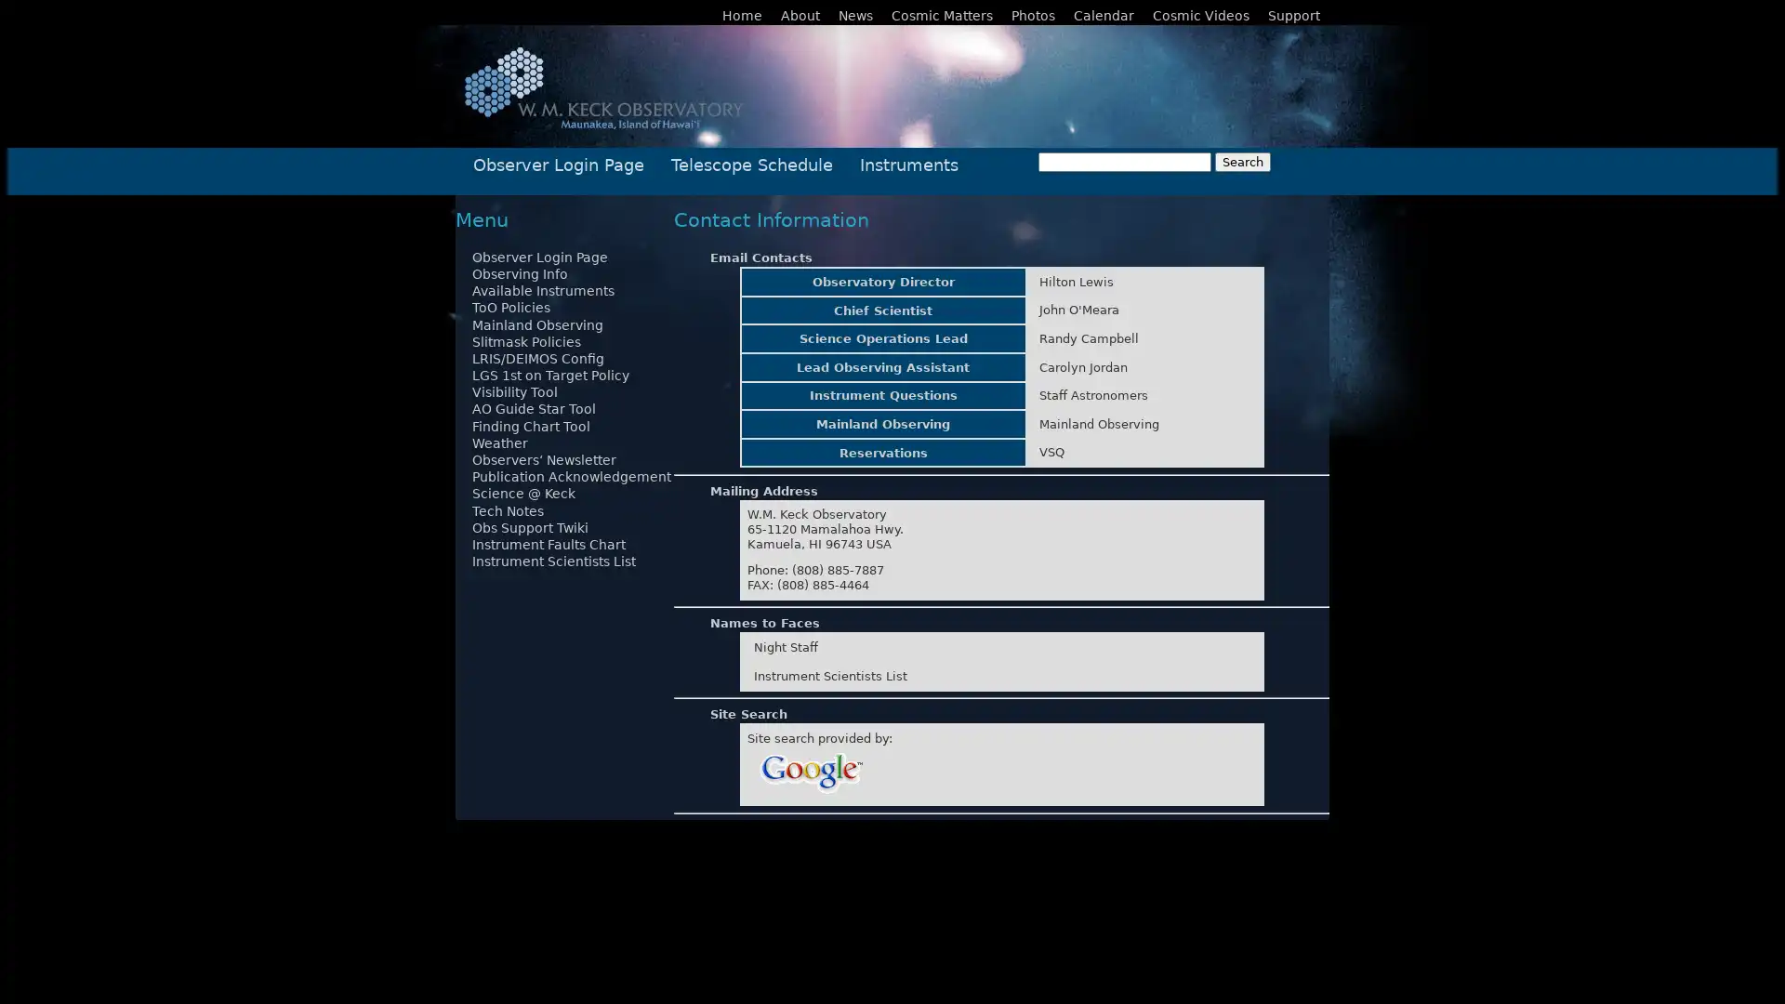 The image size is (1785, 1004). I want to click on Search, so click(1241, 161).